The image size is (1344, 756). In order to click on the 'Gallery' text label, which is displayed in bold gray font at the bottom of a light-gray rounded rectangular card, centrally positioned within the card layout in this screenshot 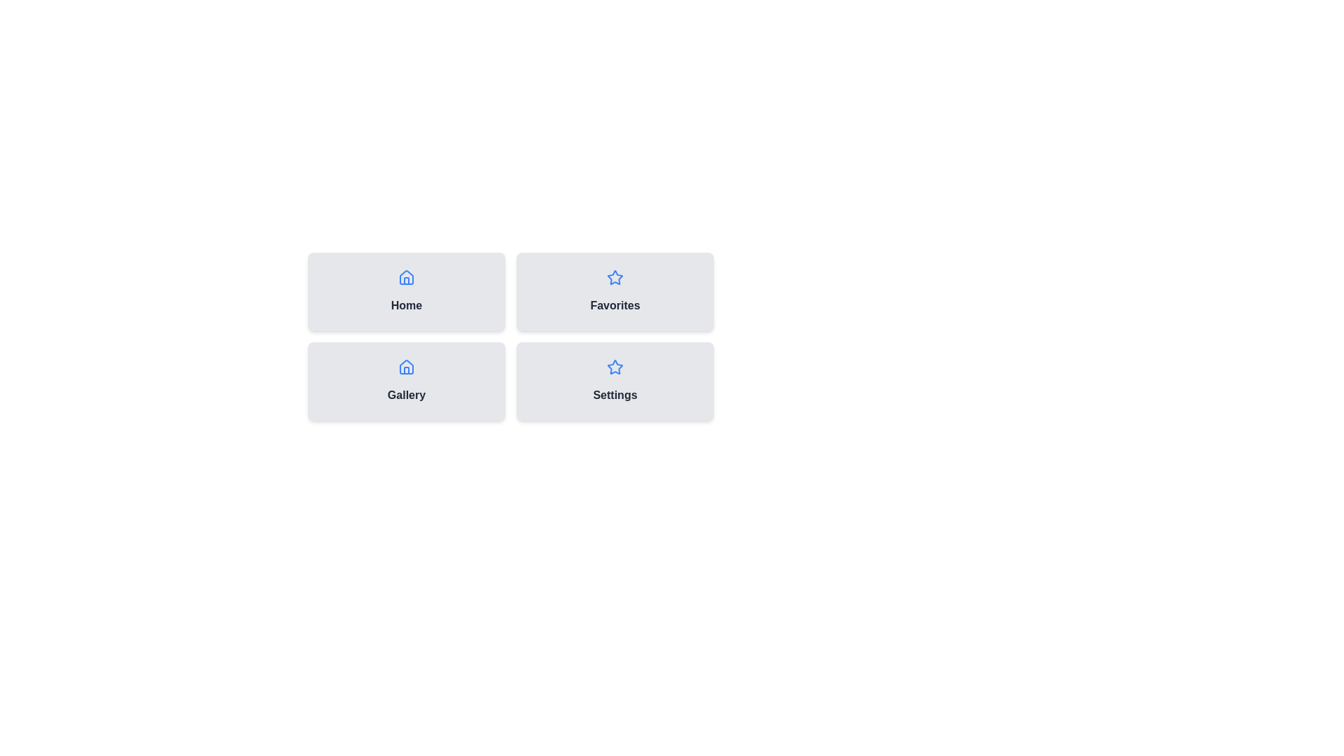, I will do `click(405, 395)`.